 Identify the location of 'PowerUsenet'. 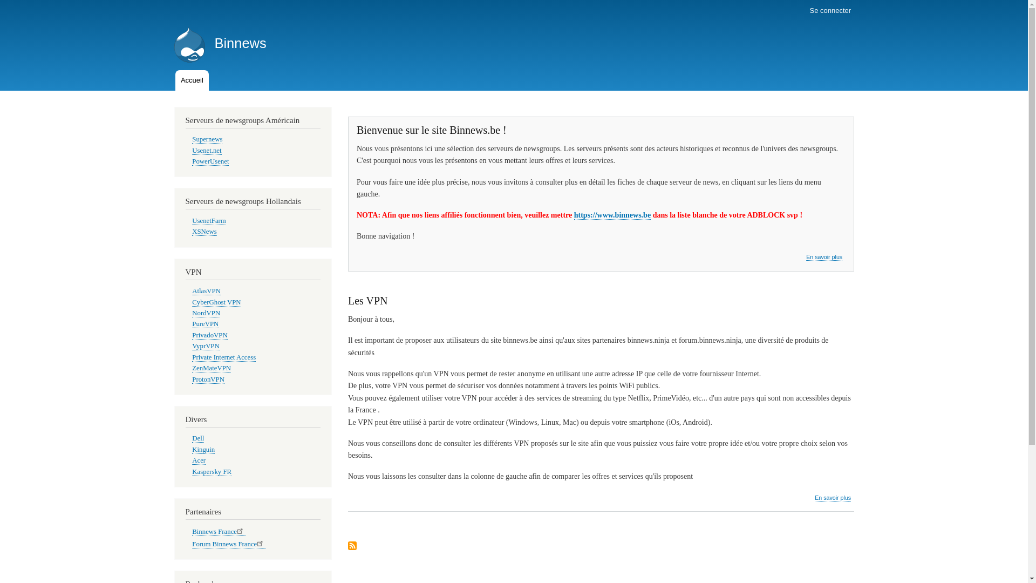
(210, 161).